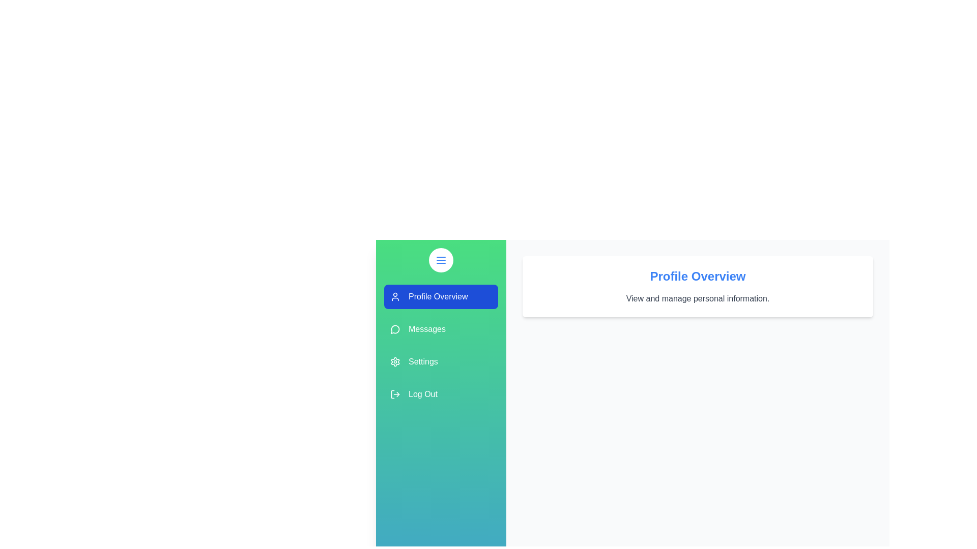 This screenshot has height=549, width=977. I want to click on the section Settings by clicking on its corresponding area, so click(441, 361).